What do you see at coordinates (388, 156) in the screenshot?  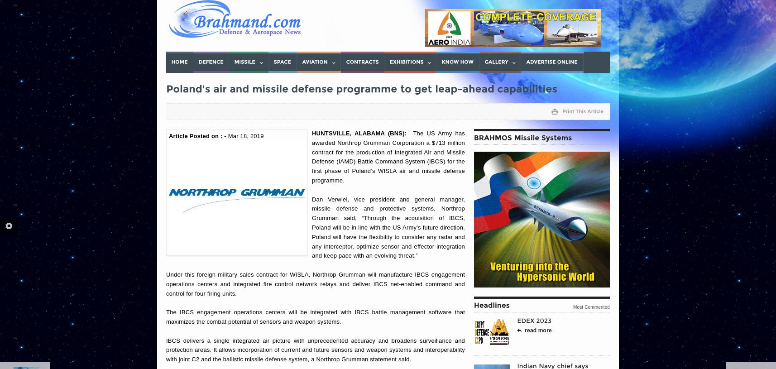 I see `'The US Army has awarded Northrop Grumman Corporation a $713 million contract for the production of Integrated Air and Missile Defense (IAMD) Battle Command System (IBCS) for the first phase of Poland’s WISLA air and missile defense programme.'` at bounding box center [388, 156].